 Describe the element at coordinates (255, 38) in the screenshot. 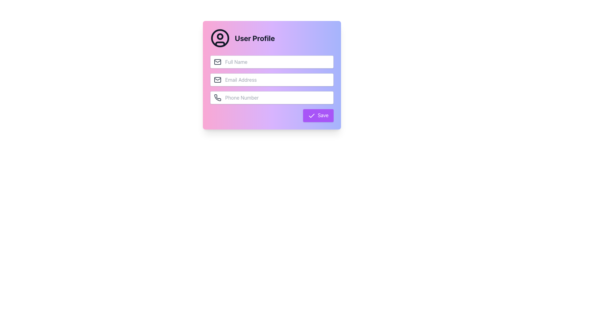

I see `the text label indicating the purpose of the user profile management section, which is located to the right of the circular user profile icon` at that location.